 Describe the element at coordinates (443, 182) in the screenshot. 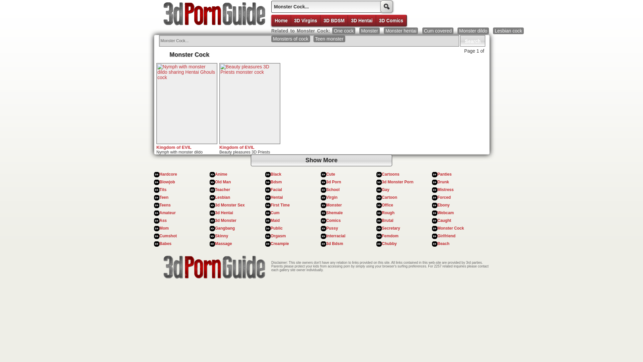

I see `'Drunk'` at that location.